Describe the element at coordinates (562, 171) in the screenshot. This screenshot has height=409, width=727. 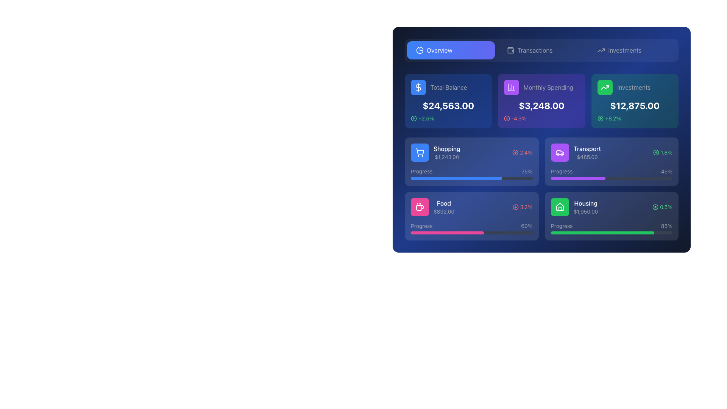
I see `the 'Progress' text label, which is styled with a small font size and gray color, located within a blue-toned card interface and positioned to the left of a '45%' text label in the 'Transport' card` at that location.